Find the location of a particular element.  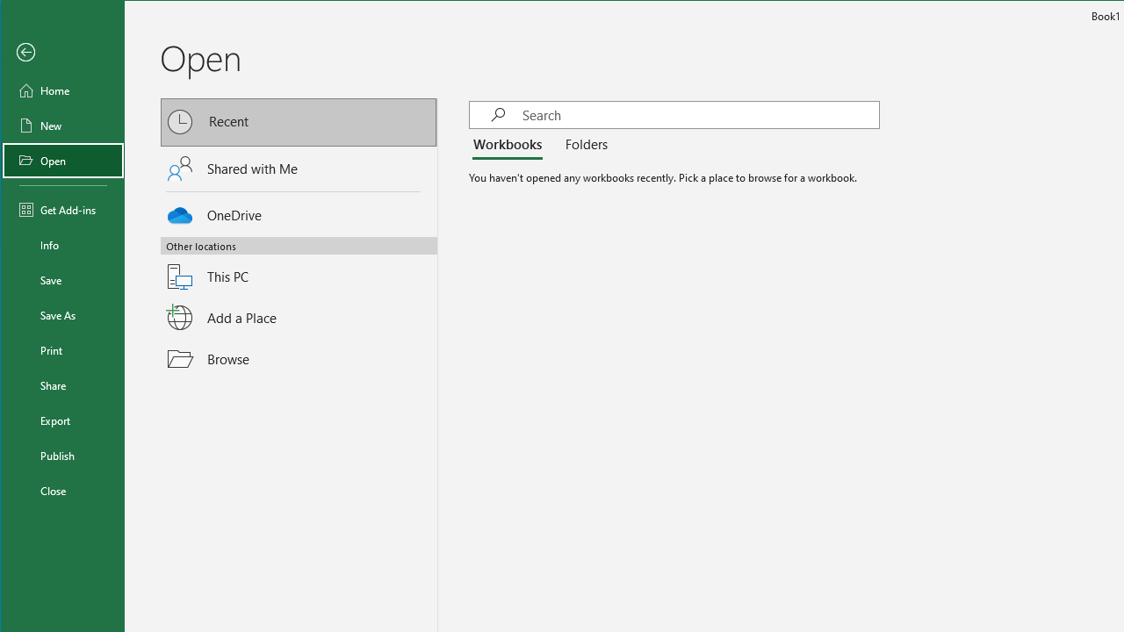

'Print' is located at coordinates (63, 349).